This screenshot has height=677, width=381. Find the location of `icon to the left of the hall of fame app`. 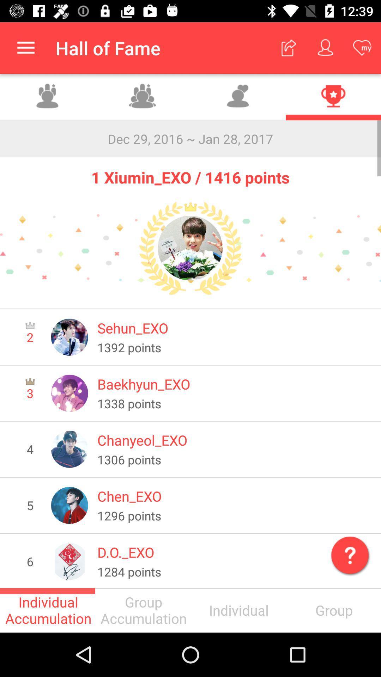

icon to the left of the hall of fame app is located at coordinates (25, 48).